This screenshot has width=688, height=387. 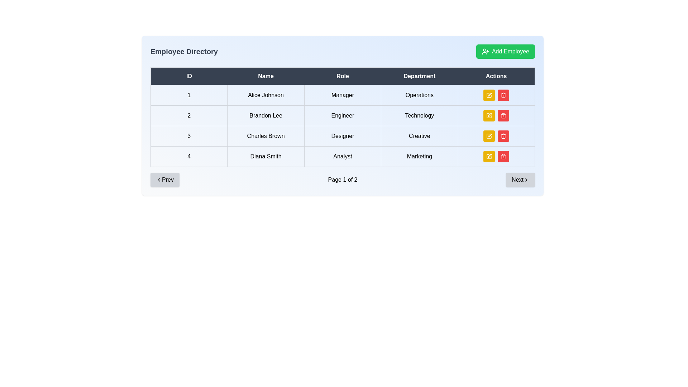 I want to click on current page number information from the pagination bar located at the bottom right of the employee directory table, which displays 'Page 1 of 2', so click(x=342, y=179).